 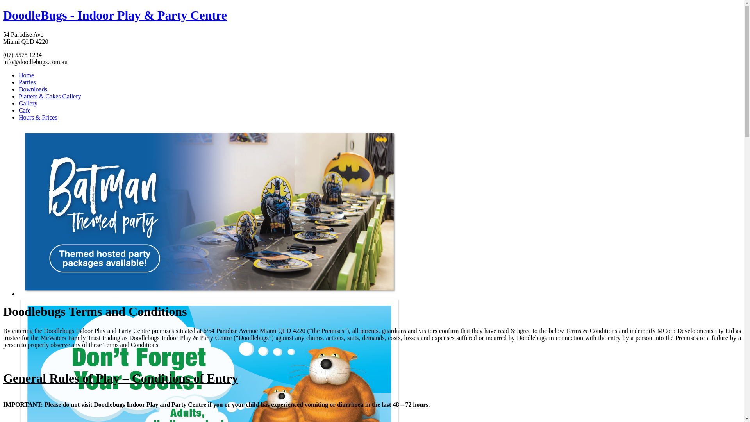 What do you see at coordinates (28, 103) in the screenshot?
I see `'Gallery'` at bounding box center [28, 103].